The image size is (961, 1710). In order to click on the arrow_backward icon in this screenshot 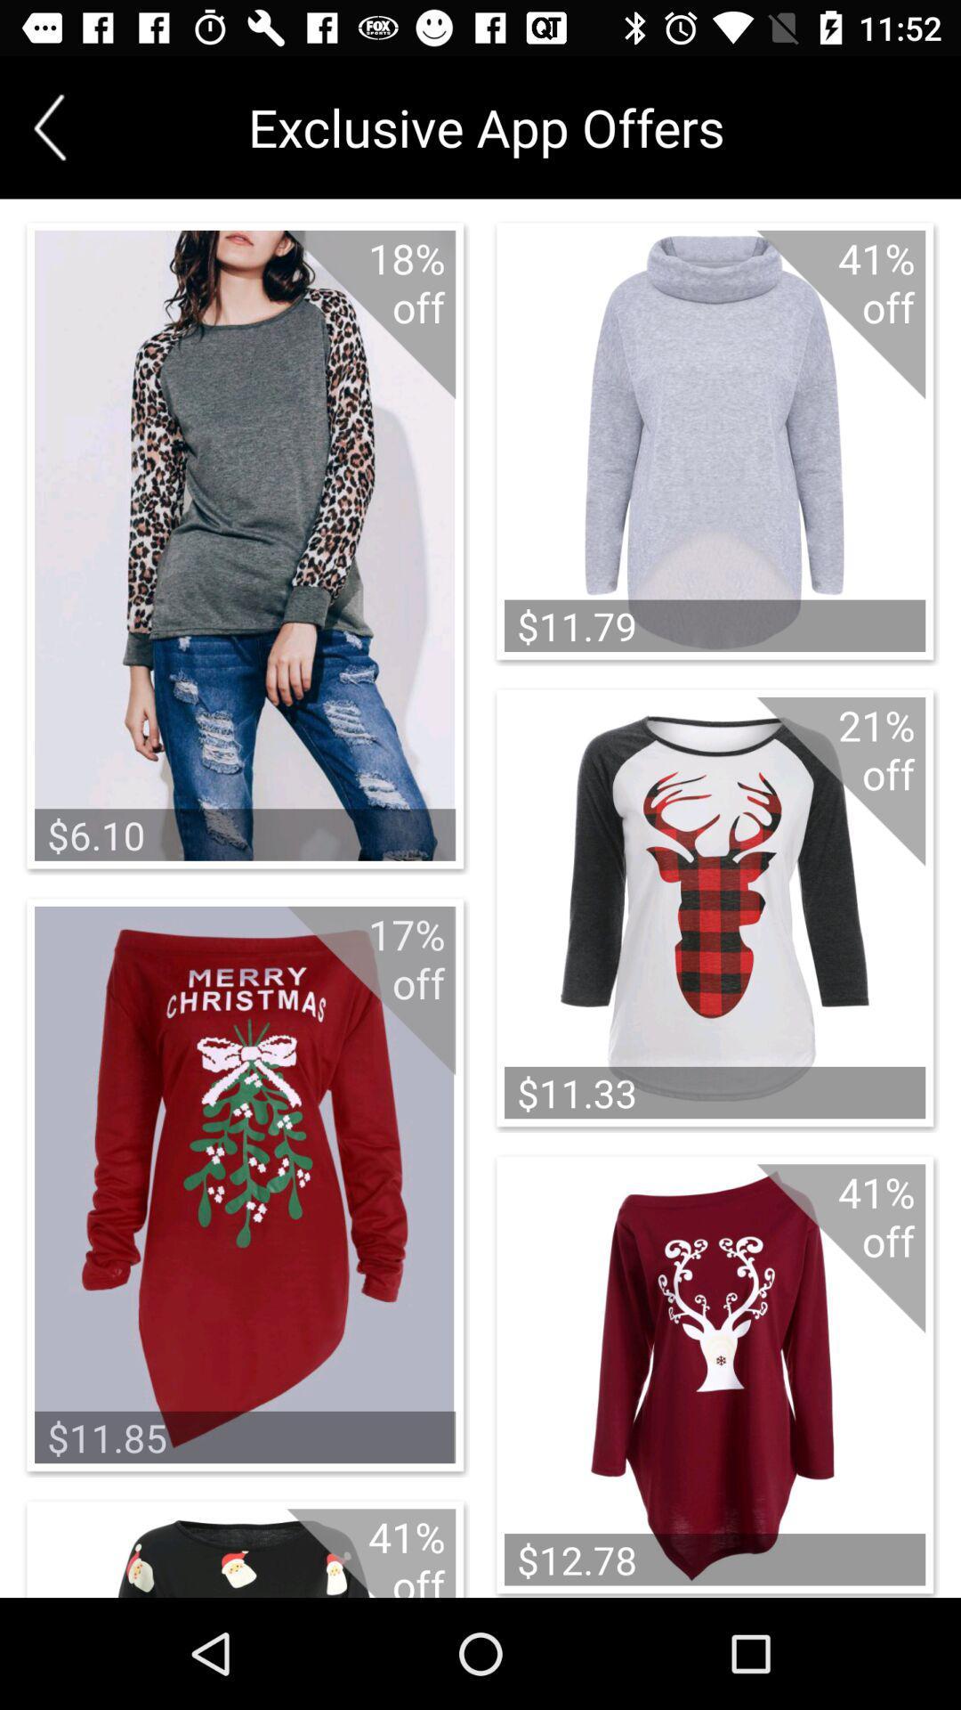, I will do `click(49, 126)`.